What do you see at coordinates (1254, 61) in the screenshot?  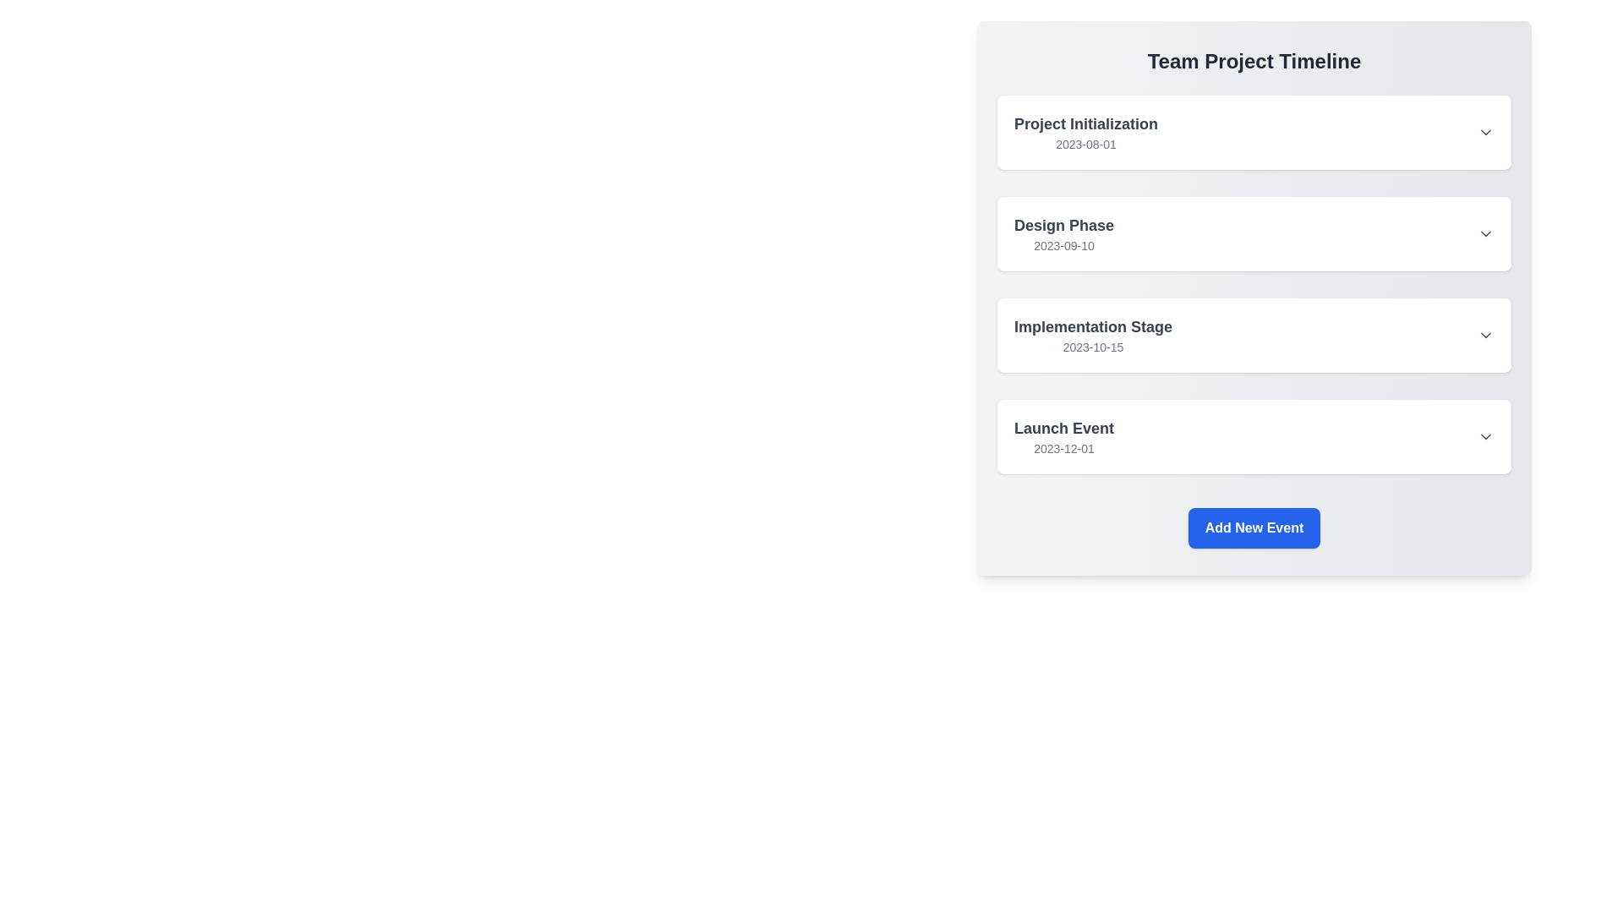 I see `the bold, centered text block labeled 'Team Project Timeline' which serves as a header for the timeline section` at bounding box center [1254, 61].